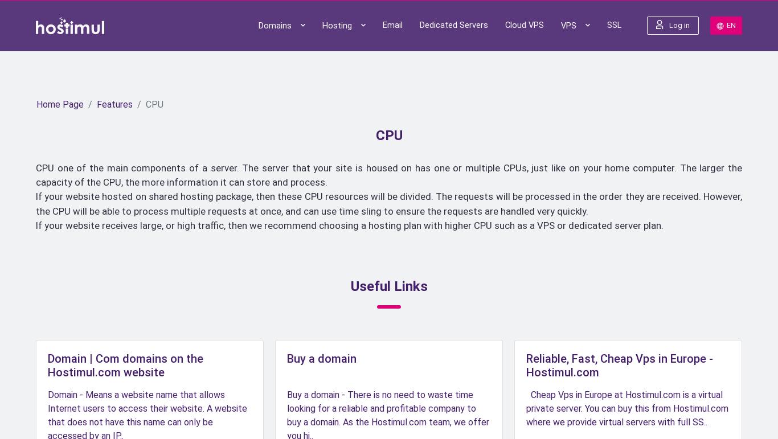 Image resolution: width=778 pixels, height=439 pixels. Describe the element at coordinates (389, 203) in the screenshot. I see `'If your website hosted on shared hosting package, then these CPU resources will be divided. The requests will be processed in the order they are received. However, the CPU will be able to process multiple requests at once, and can use time sling to ensure the requests are handled very quickly.'` at that location.